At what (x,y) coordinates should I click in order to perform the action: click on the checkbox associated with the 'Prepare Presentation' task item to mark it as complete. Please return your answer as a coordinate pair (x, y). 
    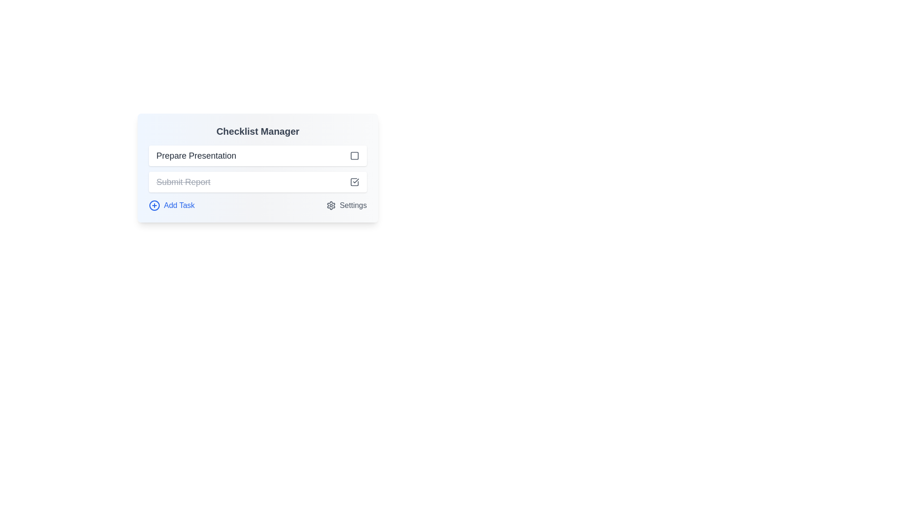
    Looking at the image, I should click on (257, 155).